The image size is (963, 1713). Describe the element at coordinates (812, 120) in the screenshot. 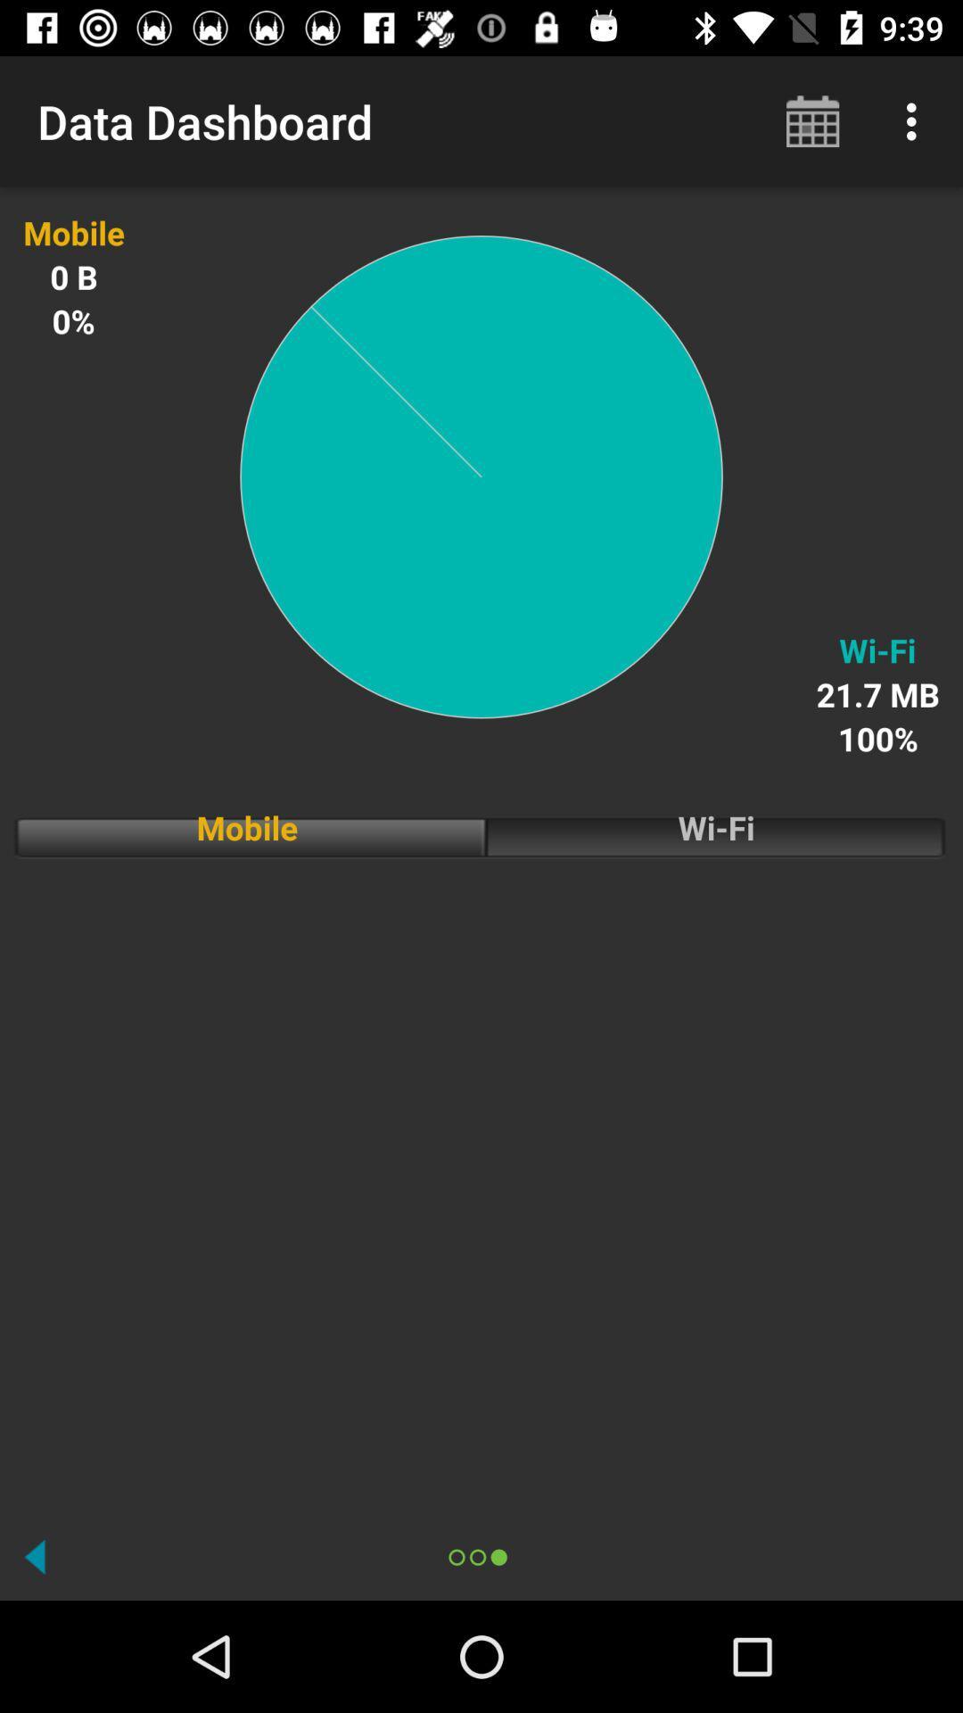

I see `the app to the right of data dashboard icon` at that location.